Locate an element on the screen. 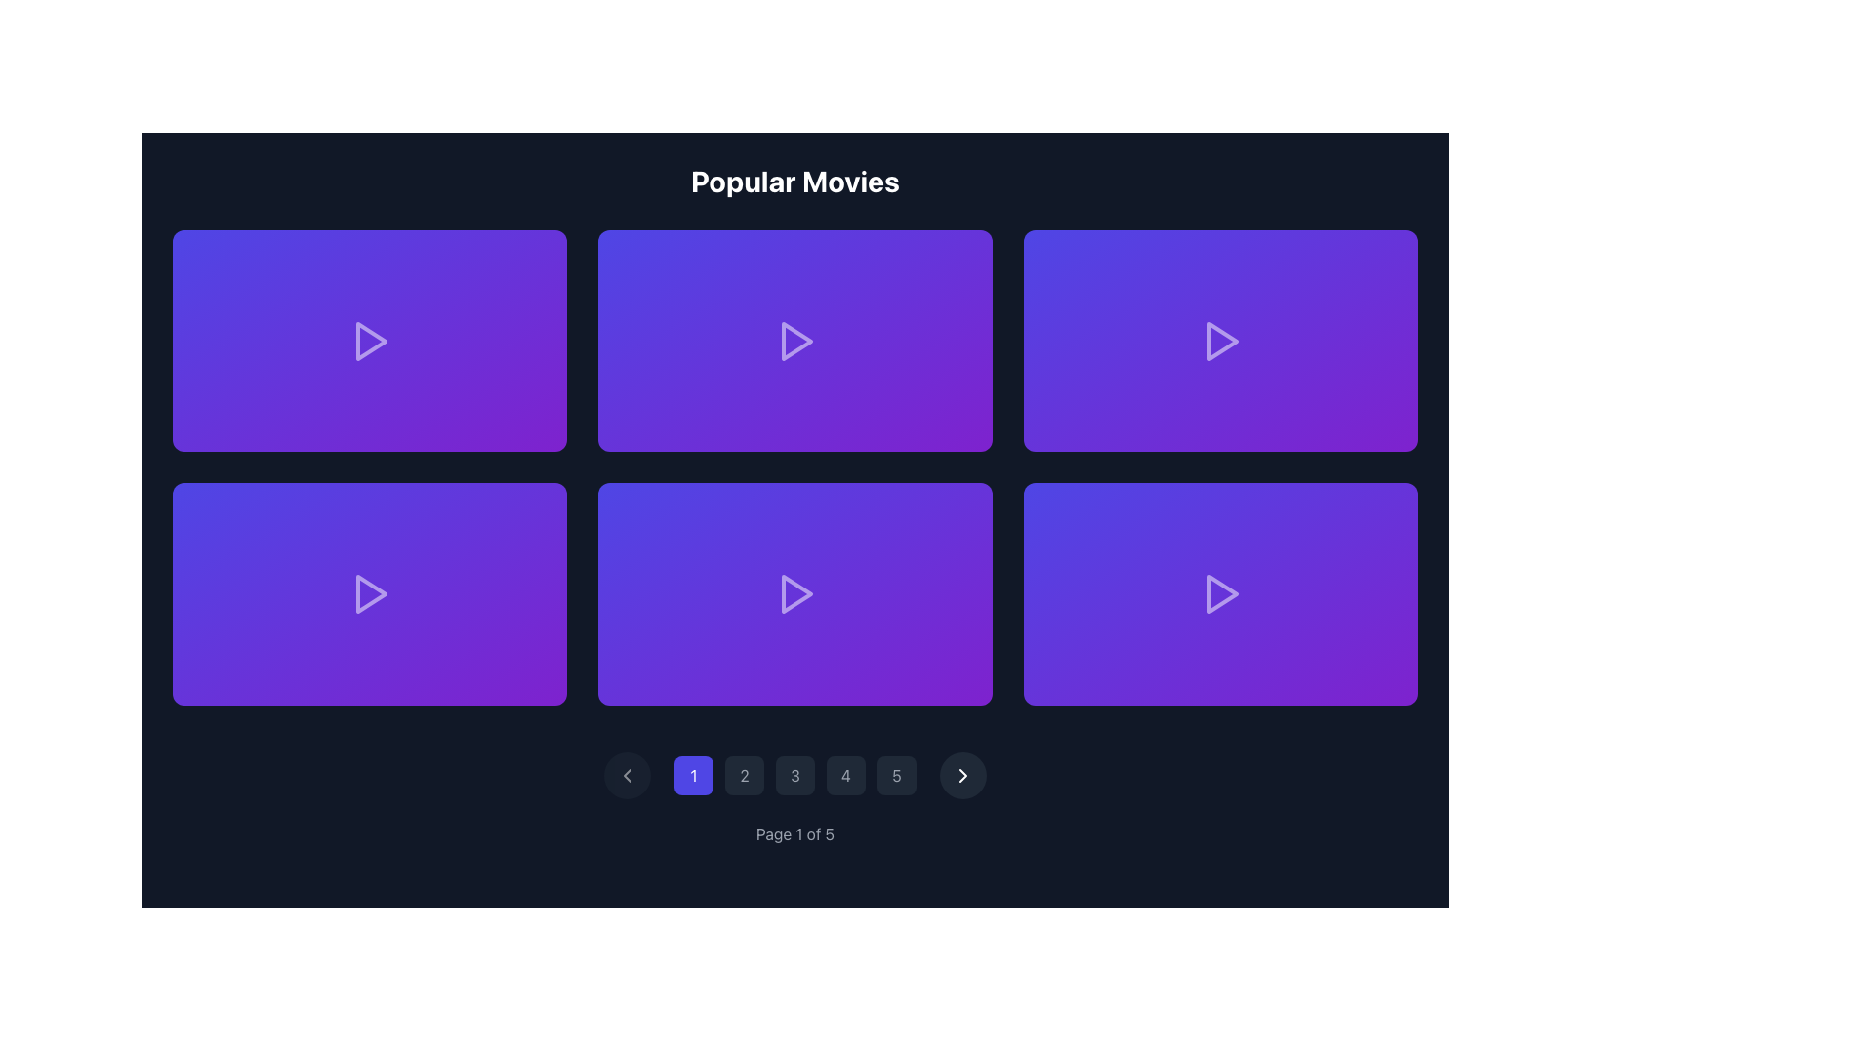 The image size is (1874, 1054). the triangular play icon located in the top-left card of the 2x3 grid layout within the 'Popular Movies' section for keyboard navigation is located at coordinates (371, 340).